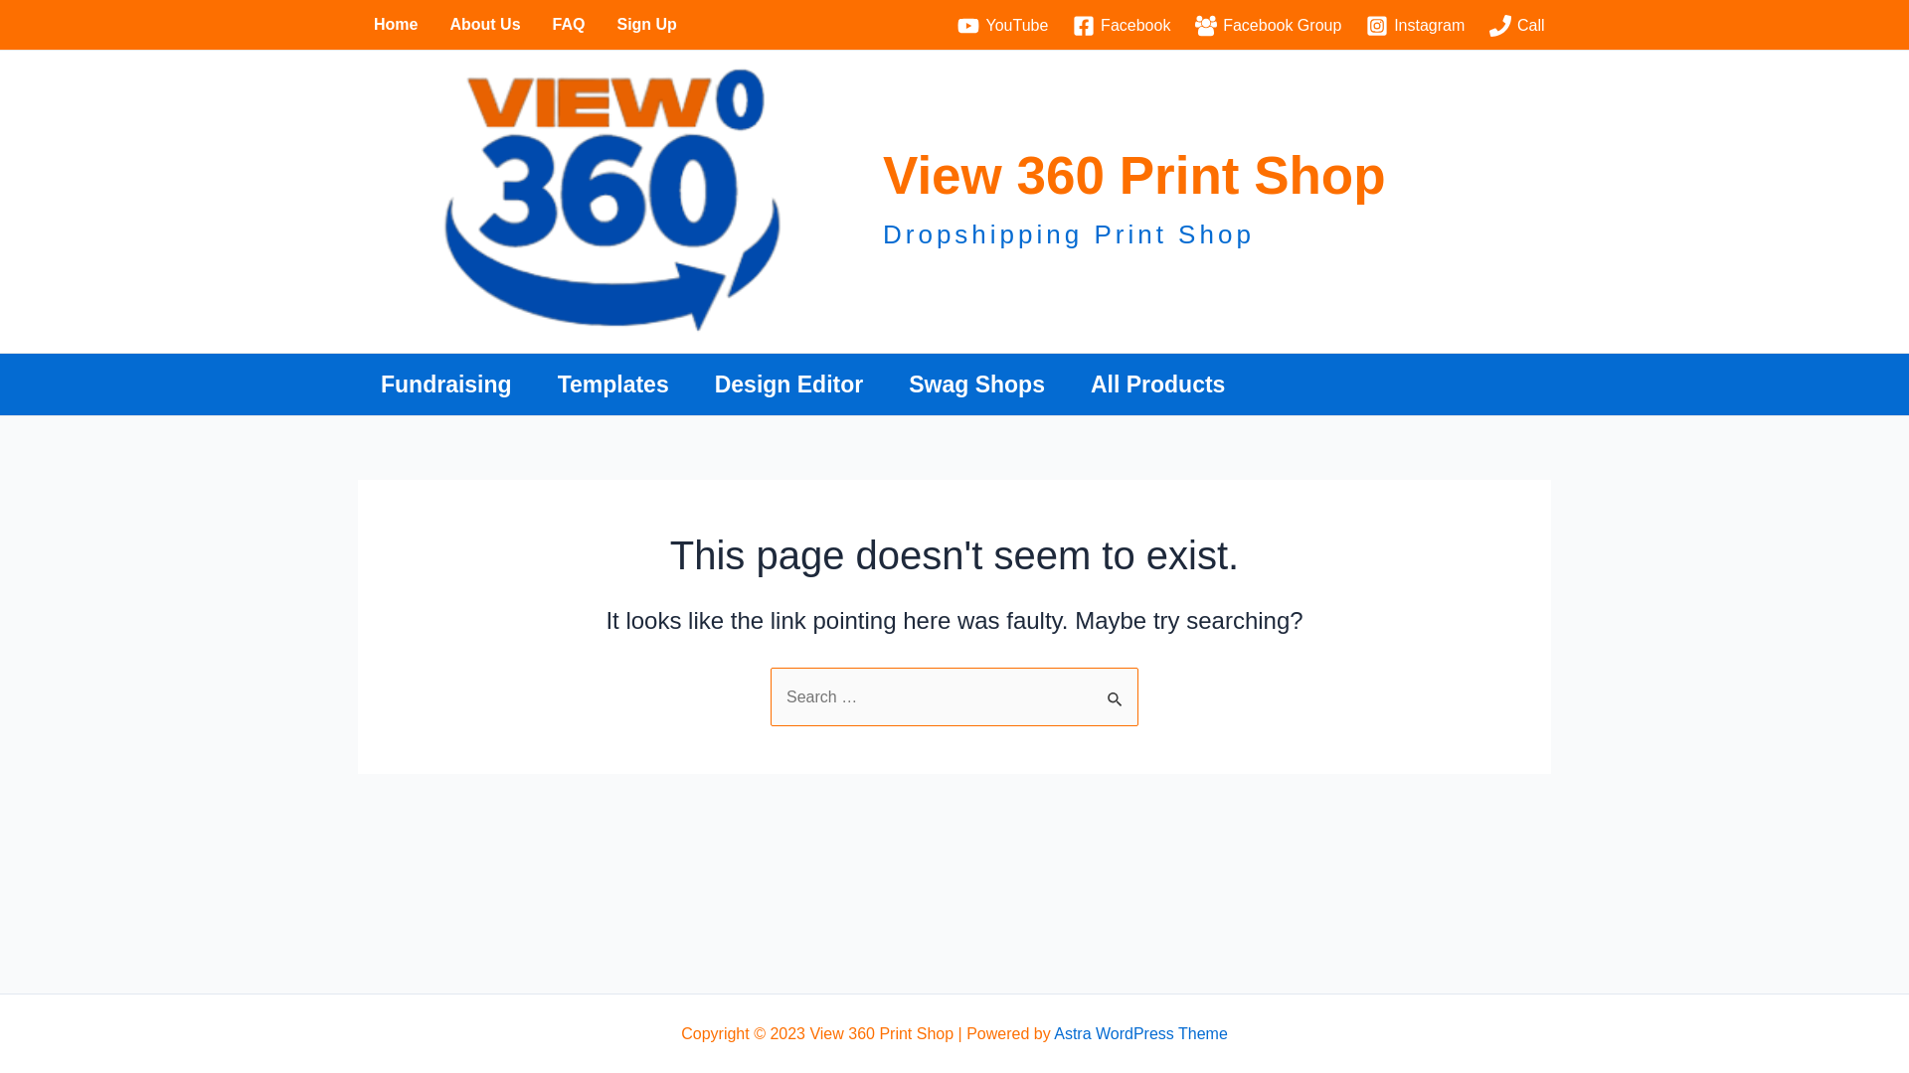  Describe the element at coordinates (1066, 26) in the screenshot. I see `'Facebook'` at that location.